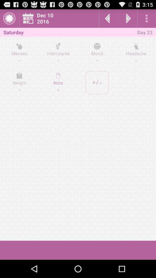  What do you see at coordinates (97, 82) in the screenshot?
I see `item next to the note` at bounding box center [97, 82].